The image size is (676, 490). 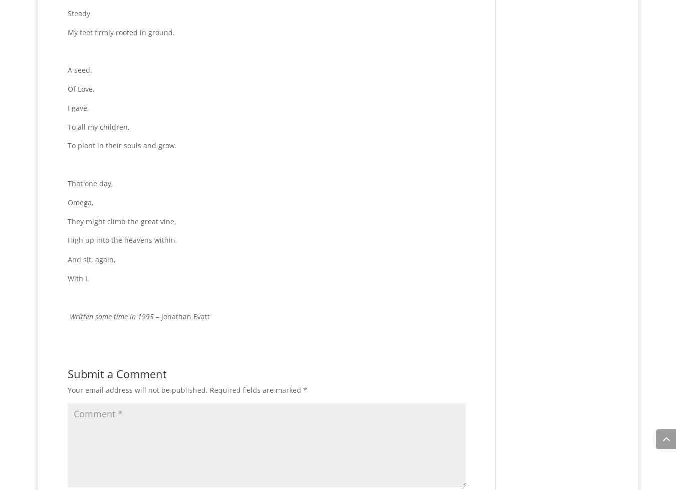 What do you see at coordinates (68, 278) in the screenshot?
I see `'With I.'` at bounding box center [68, 278].